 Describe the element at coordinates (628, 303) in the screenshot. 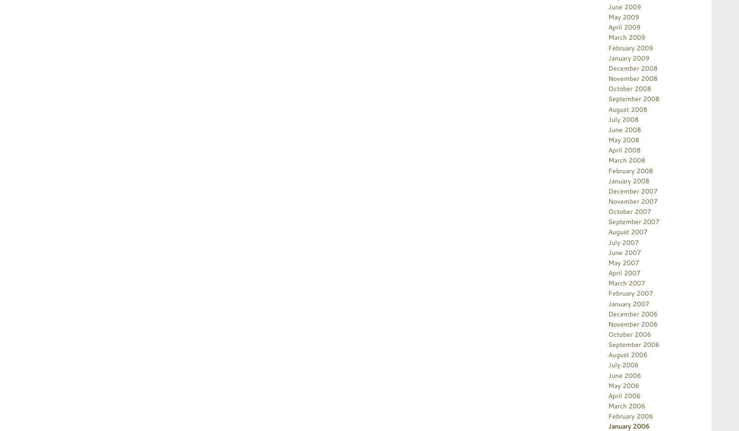

I see `'January 2007'` at that location.